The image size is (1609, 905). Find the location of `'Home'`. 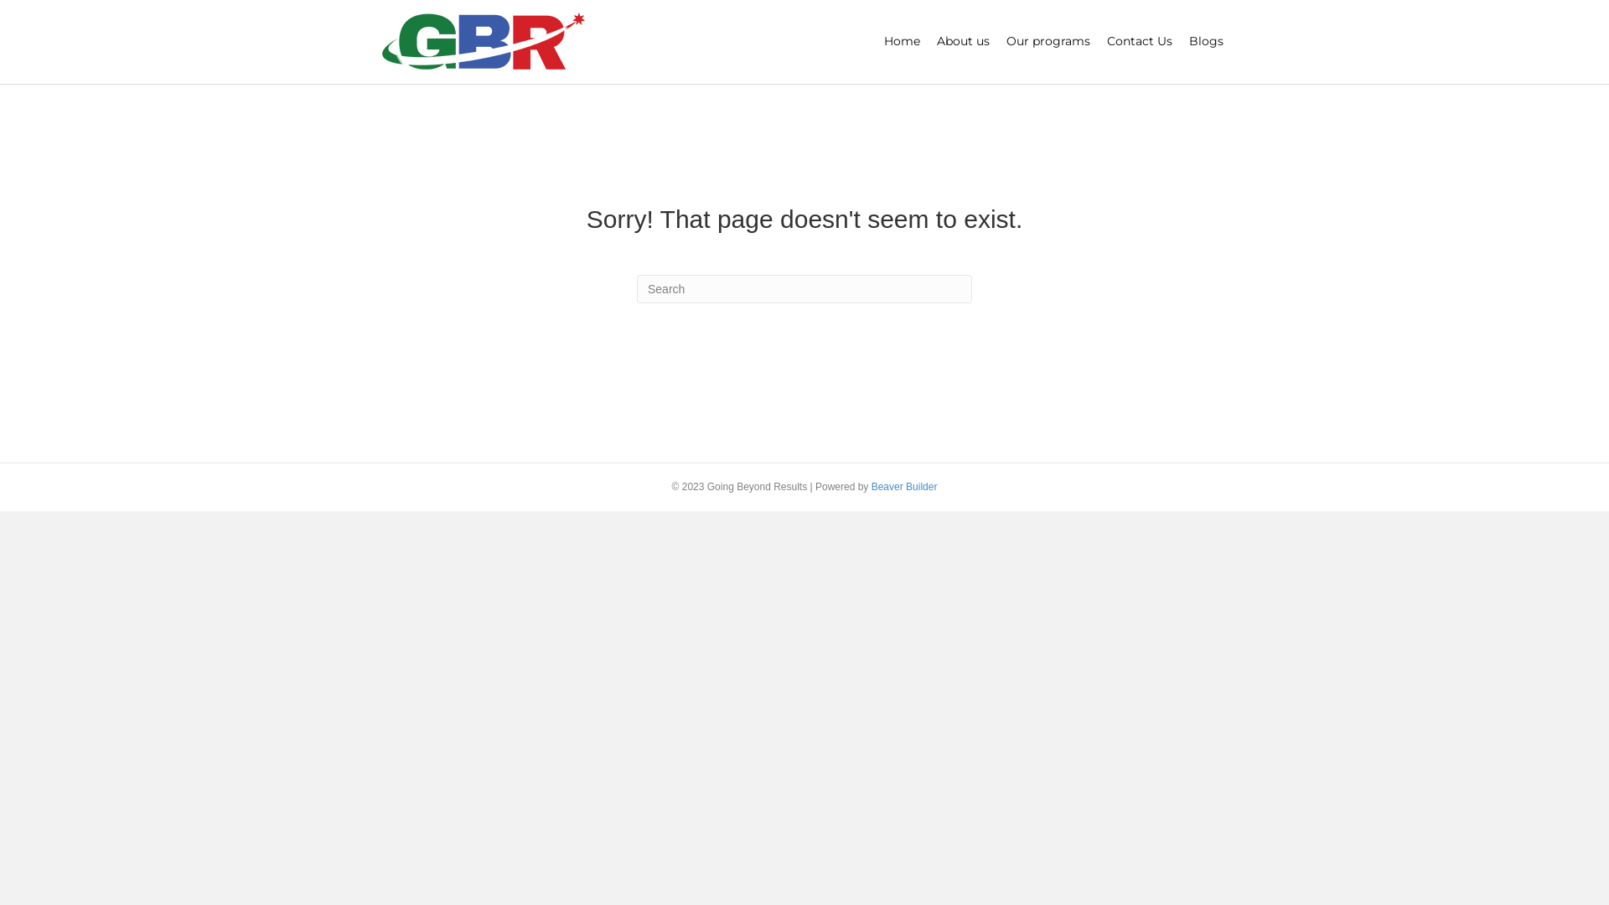

'Home' is located at coordinates (875, 41).